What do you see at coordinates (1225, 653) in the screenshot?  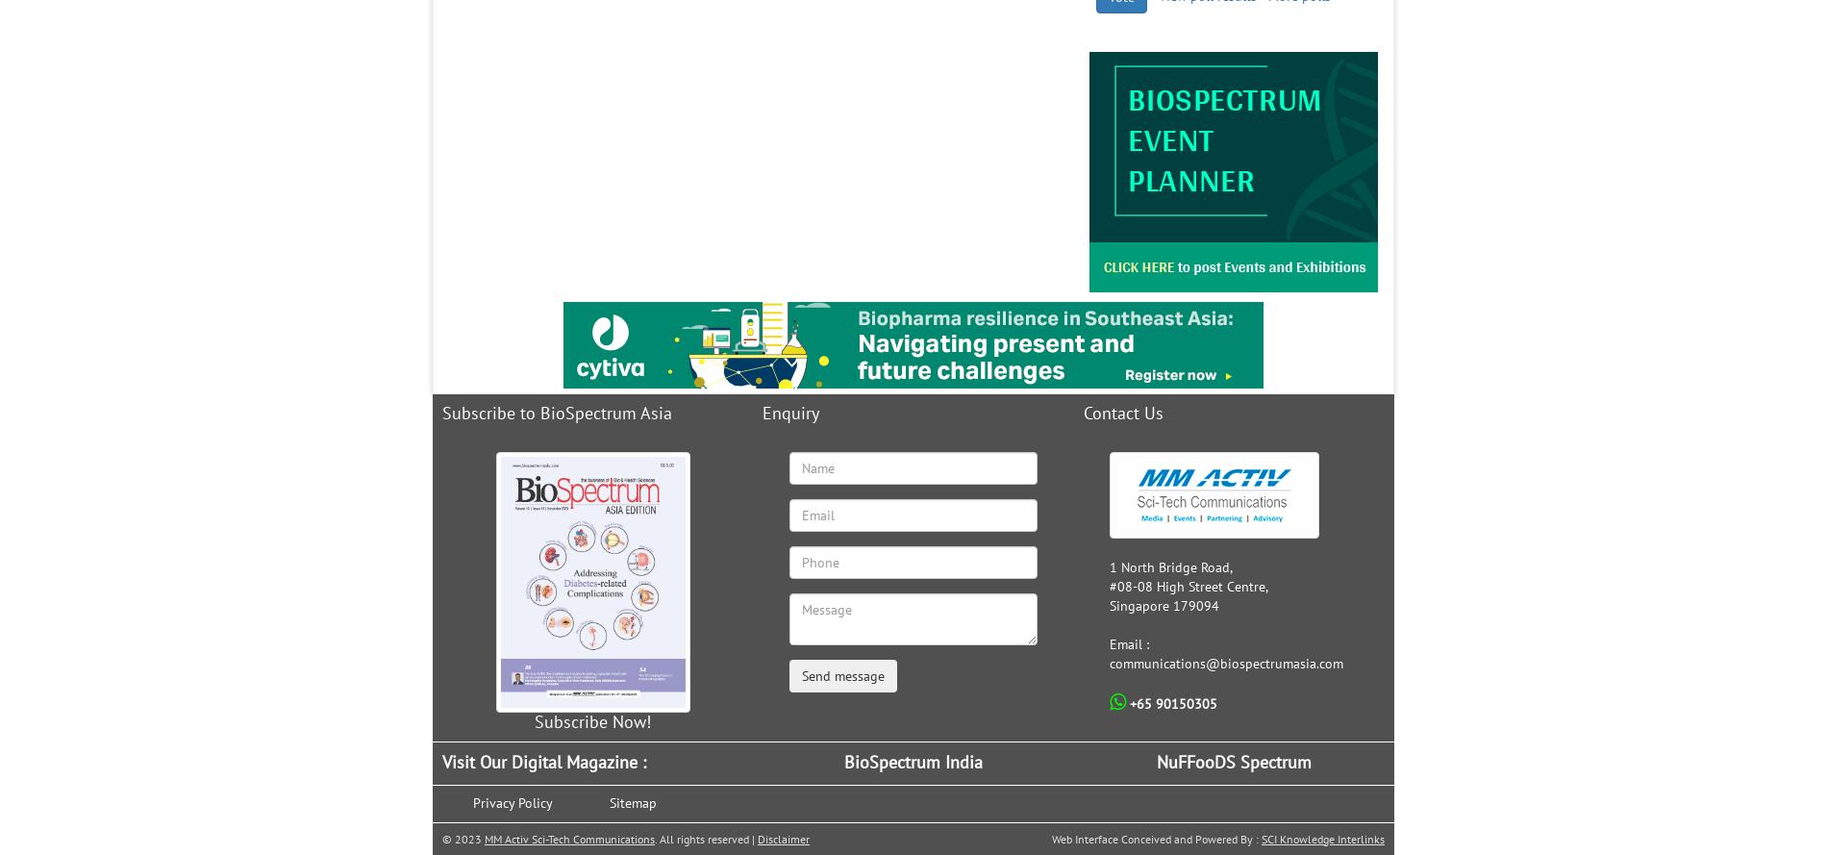 I see `'Email : communications@biospectrumasia.com'` at bounding box center [1225, 653].